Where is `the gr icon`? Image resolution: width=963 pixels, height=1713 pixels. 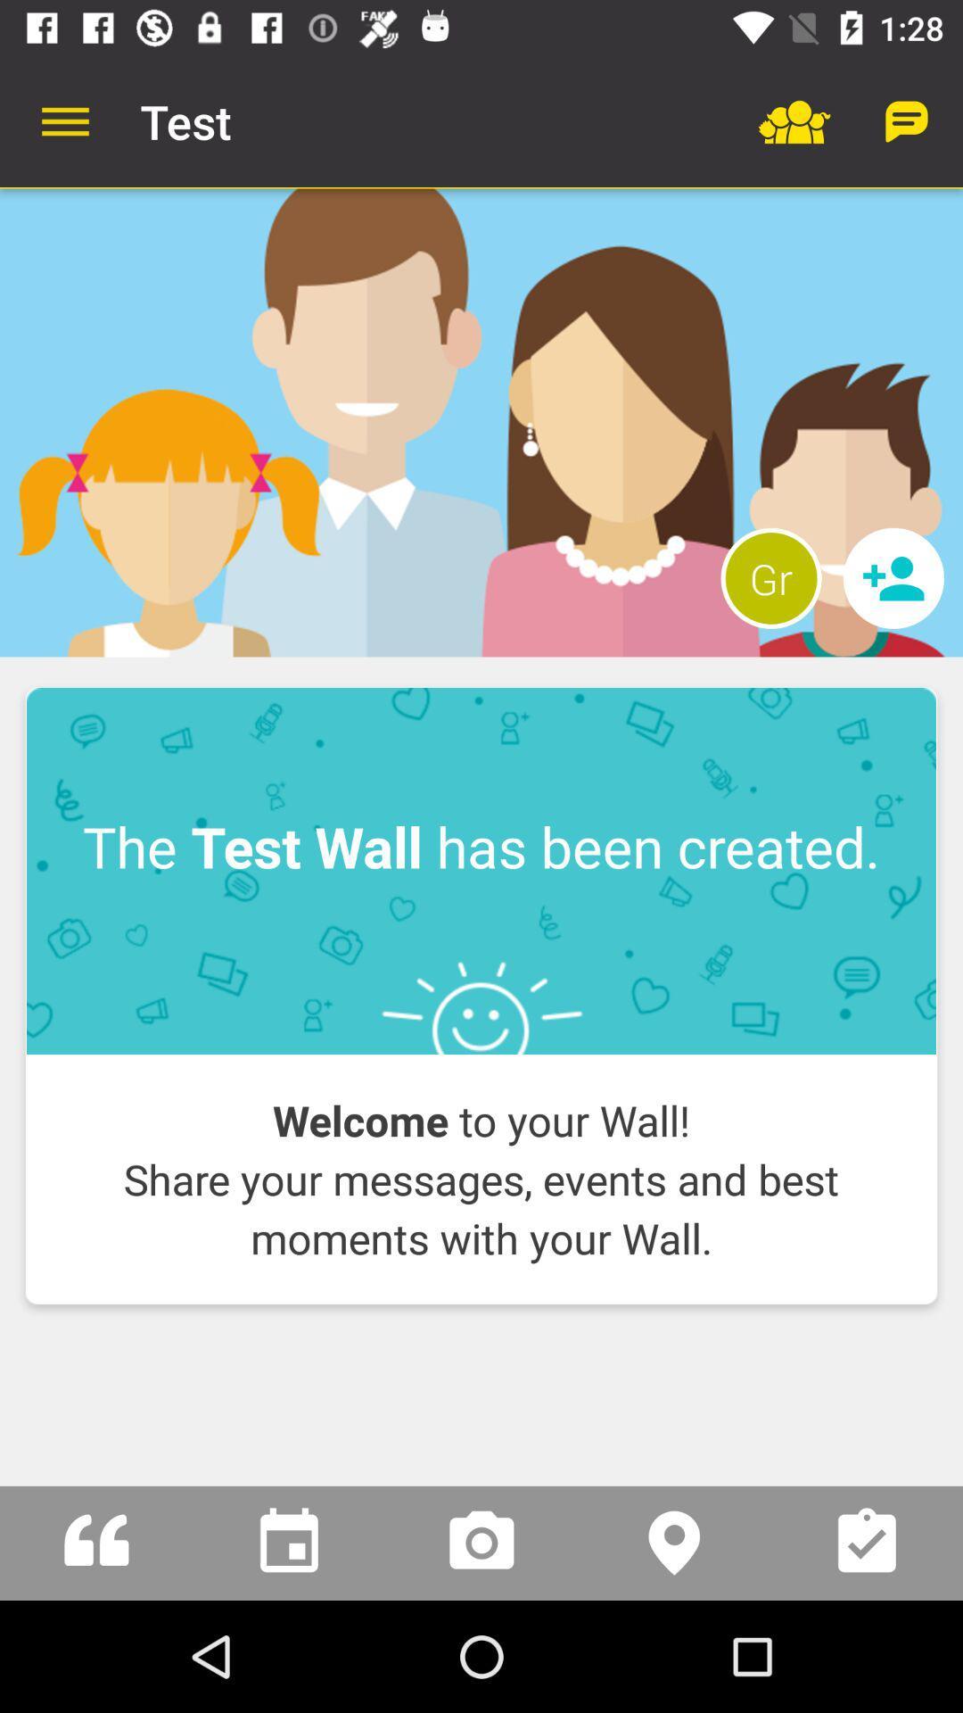 the gr icon is located at coordinates (770, 578).